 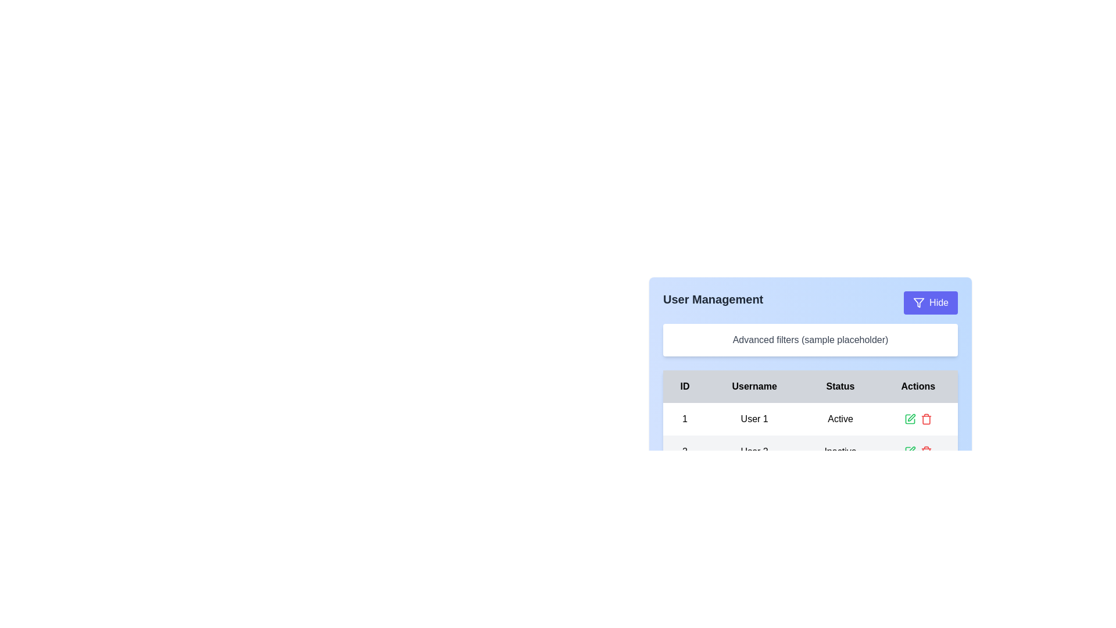 I want to click on the 'Inactive' text label in the second row of the table under the 'Status' header, located between 'User 2' and 'Actions', so click(x=840, y=451).